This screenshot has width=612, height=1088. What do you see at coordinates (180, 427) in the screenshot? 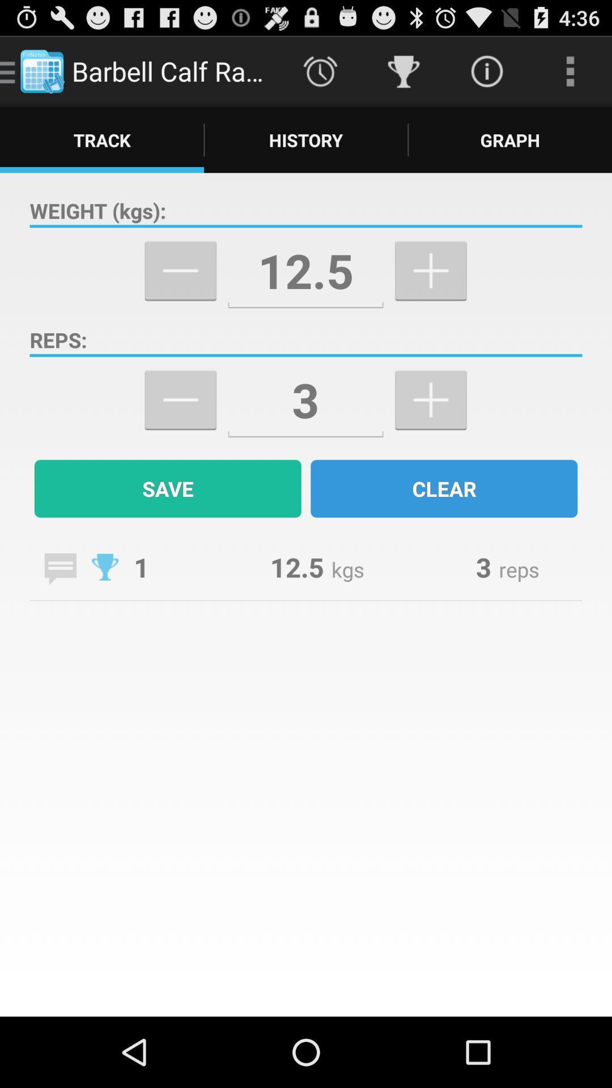
I see `the minus icon` at bounding box center [180, 427].